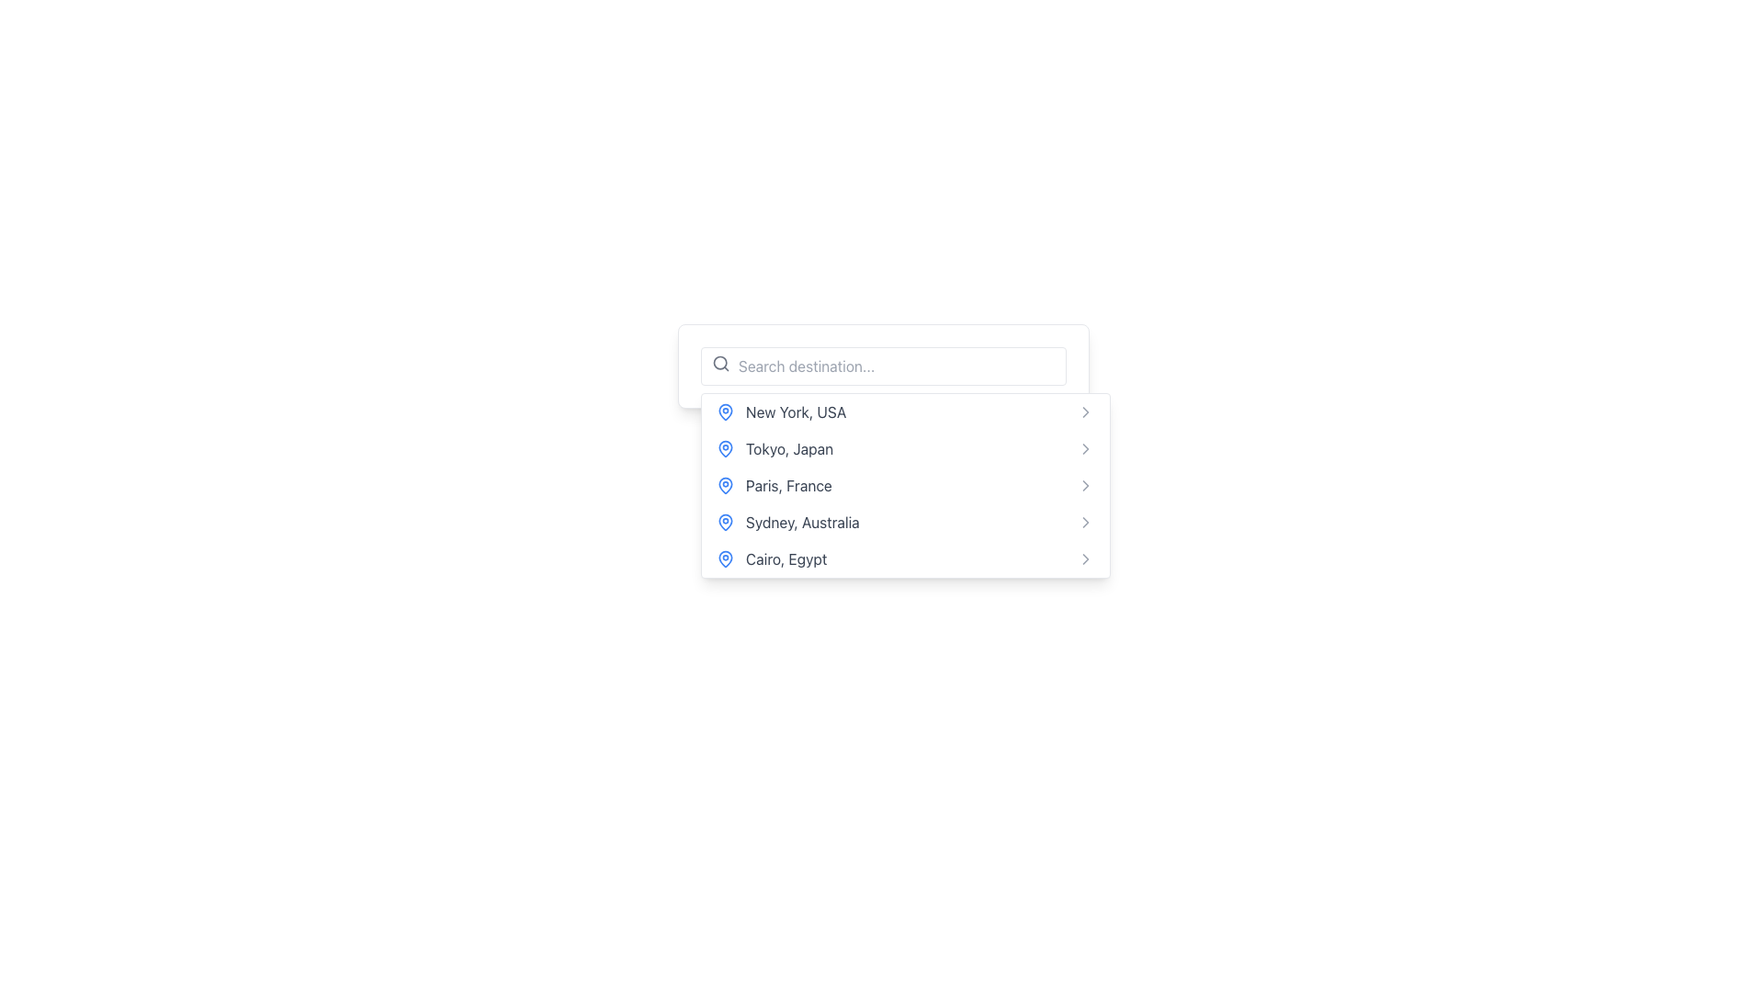  I want to click on the location marker icon located to the left of the text 'Sydney, Australia' in the fourth item of the vertical menu list within the dropdown component, so click(725, 523).